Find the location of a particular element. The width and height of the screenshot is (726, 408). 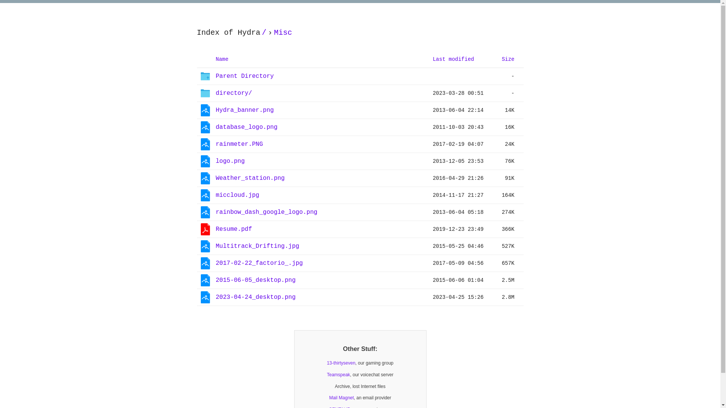

'Last modified' is located at coordinates (453, 59).